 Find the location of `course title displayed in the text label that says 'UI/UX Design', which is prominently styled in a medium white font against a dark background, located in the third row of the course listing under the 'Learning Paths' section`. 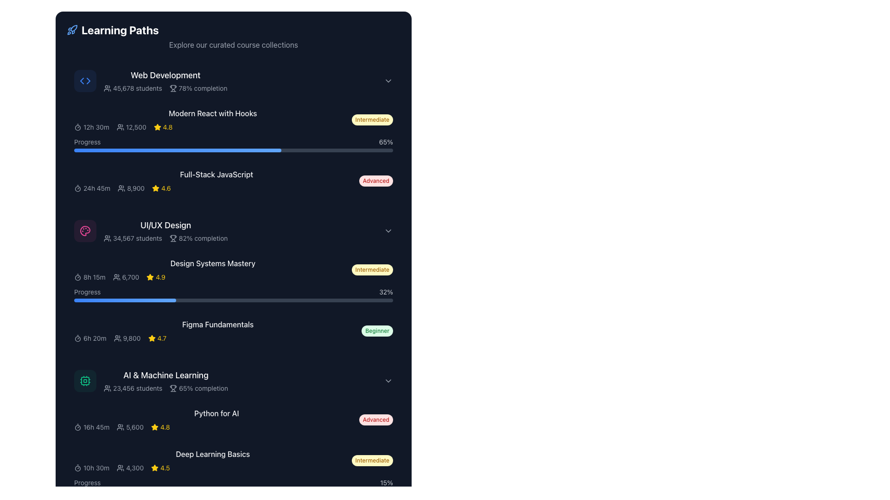

course title displayed in the text label that says 'UI/UX Design', which is prominently styled in a medium white font against a dark background, located in the third row of the course listing under the 'Learning Paths' section is located at coordinates (165, 225).